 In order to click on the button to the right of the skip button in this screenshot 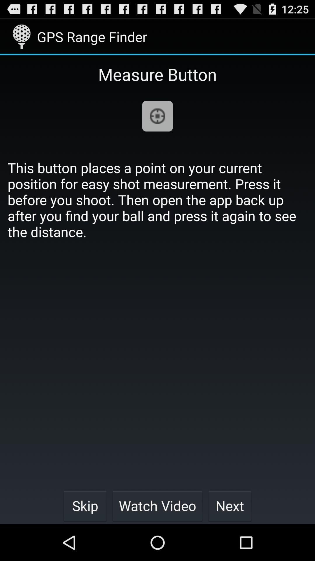, I will do `click(157, 505)`.